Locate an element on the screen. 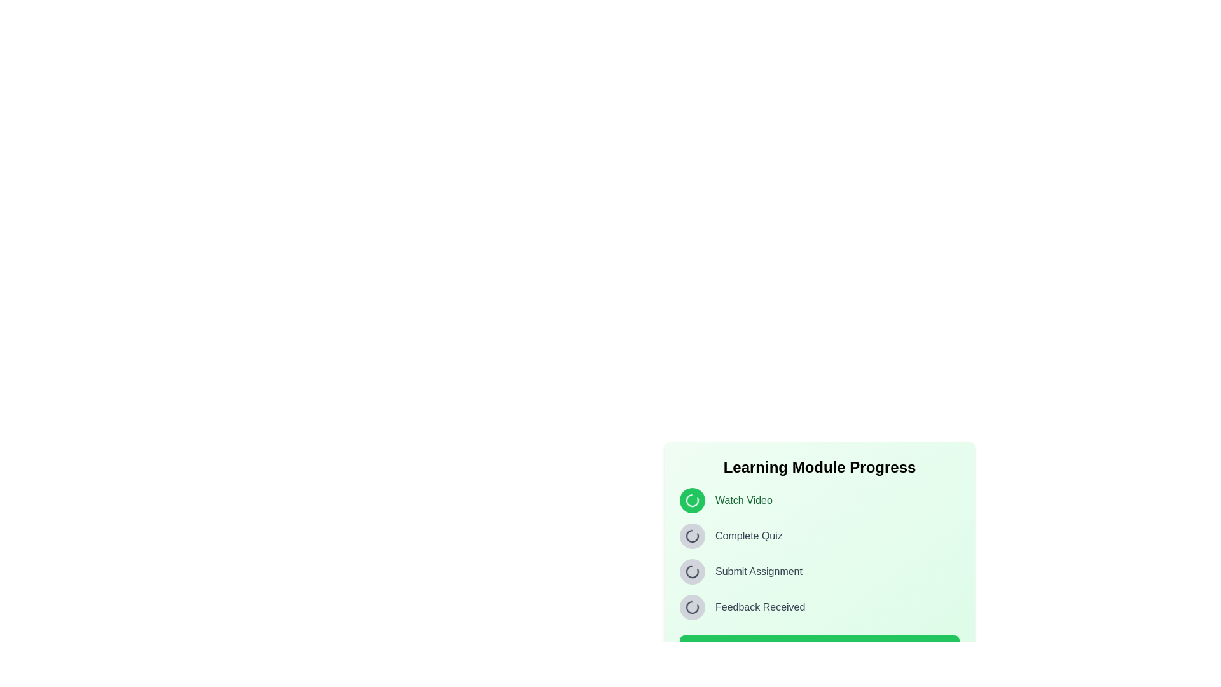 The image size is (1221, 687). the circular, spinning loader icon with a partial circular stroke, which is part of the 'Learning Module Progress' section, located to the left of the 'Complete Quiz' label is located at coordinates (692, 536).